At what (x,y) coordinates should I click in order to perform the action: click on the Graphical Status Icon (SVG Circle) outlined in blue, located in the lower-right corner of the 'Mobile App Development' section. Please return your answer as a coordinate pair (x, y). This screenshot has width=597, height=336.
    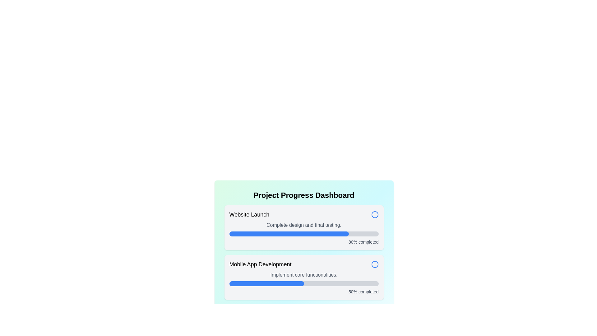
    Looking at the image, I should click on (374, 264).